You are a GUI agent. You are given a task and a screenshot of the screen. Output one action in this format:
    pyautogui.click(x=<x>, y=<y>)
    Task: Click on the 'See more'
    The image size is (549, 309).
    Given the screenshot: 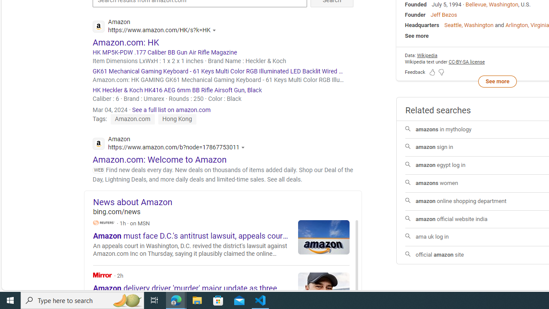 What is the action you would take?
    pyautogui.click(x=497, y=81)
    